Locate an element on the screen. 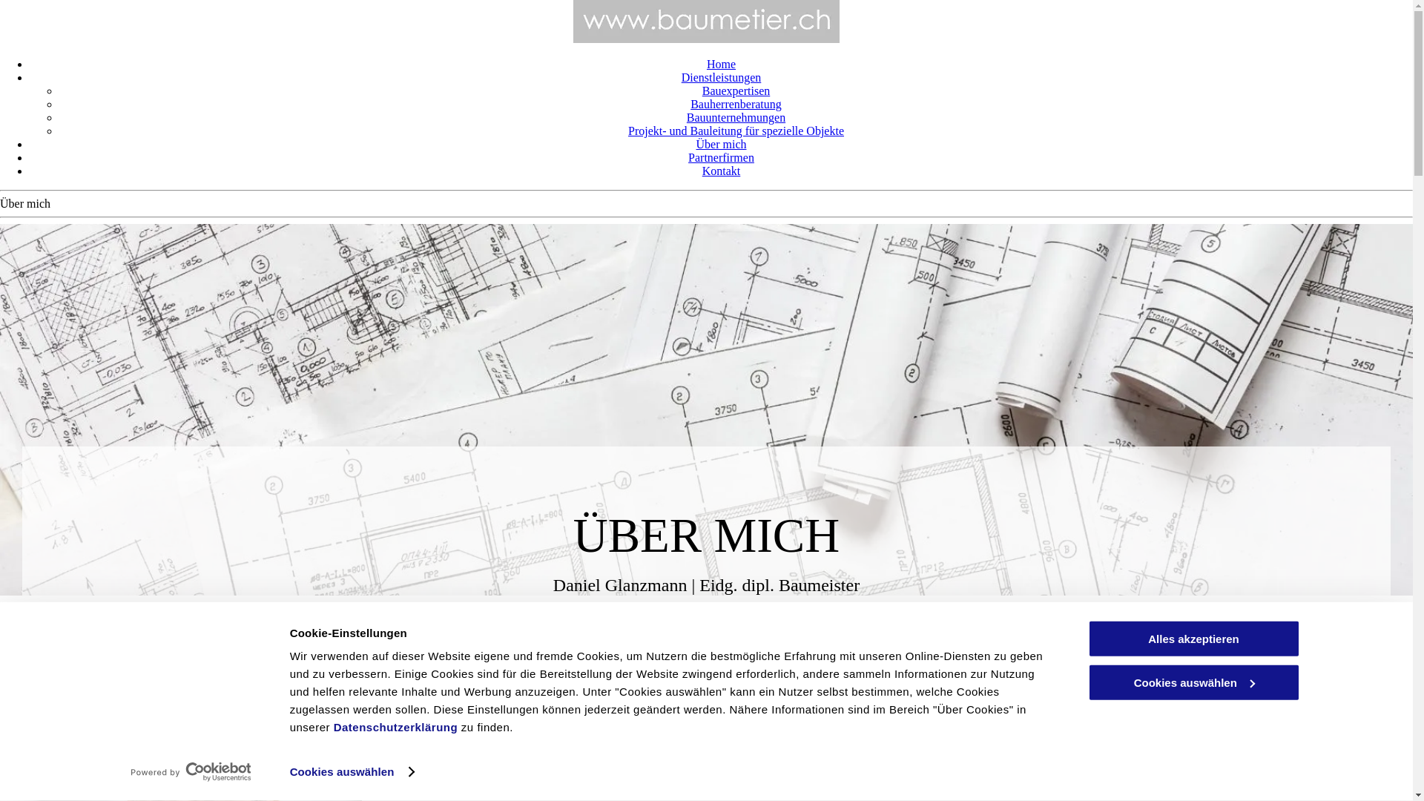 Image resolution: width=1424 pixels, height=801 pixels. 'Bauexpertisen' is located at coordinates (736, 90).